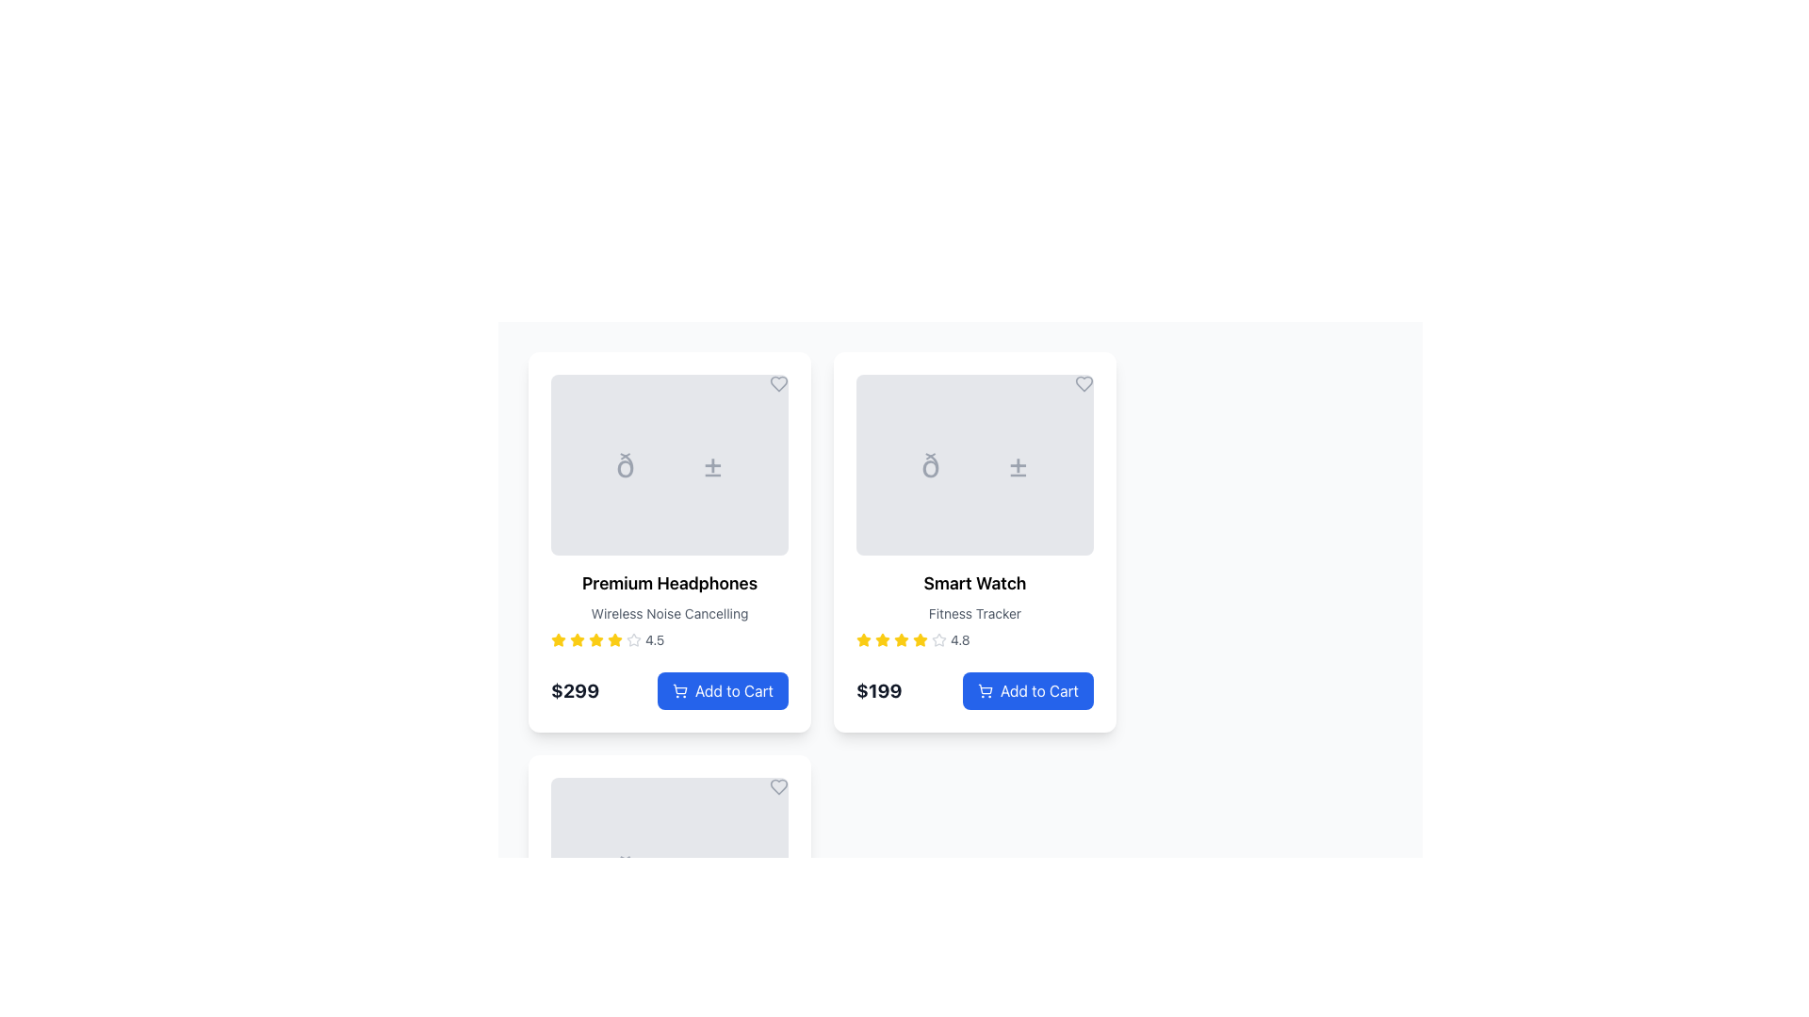 The width and height of the screenshot is (1809, 1017). I want to click on the sixth star icon in the 'Premium Headphones' product card, which is styled with a yellow fill and stroke, indicating a rating component, so click(614, 638).